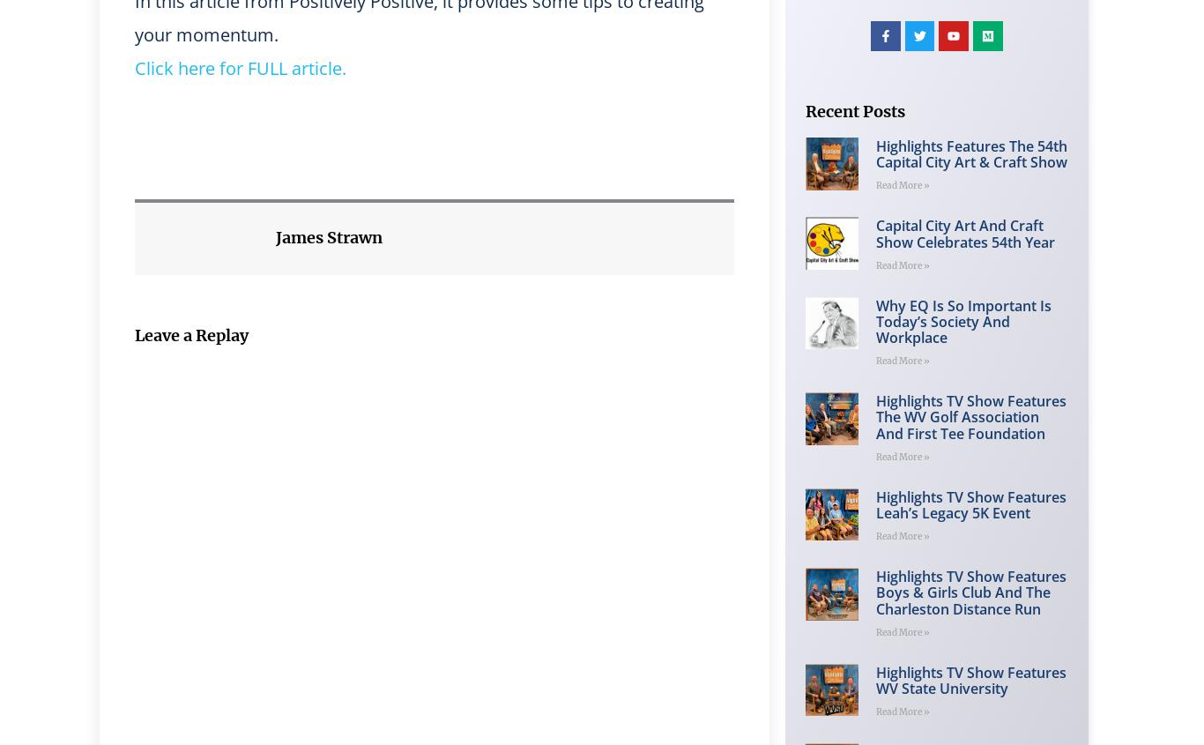 The width and height of the screenshot is (1204, 745). What do you see at coordinates (969, 417) in the screenshot?
I see `'Highlights TV Show Features the WV Golf Association and First Tee Foundation'` at bounding box center [969, 417].